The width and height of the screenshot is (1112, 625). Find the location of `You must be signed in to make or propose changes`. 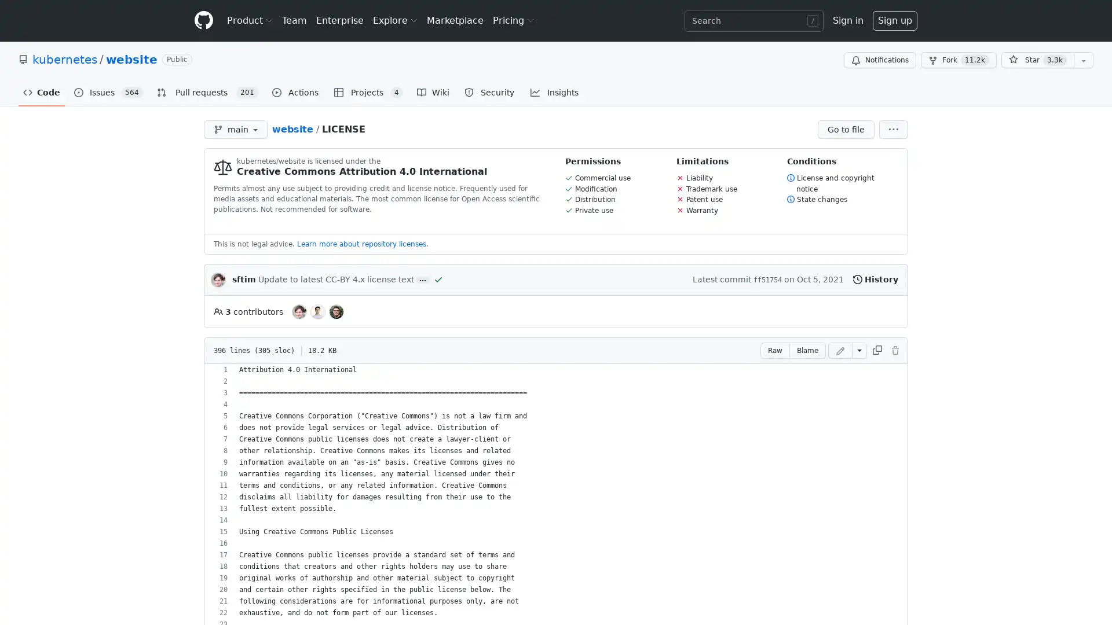

You must be signed in to make or propose changes is located at coordinates (840, 350).